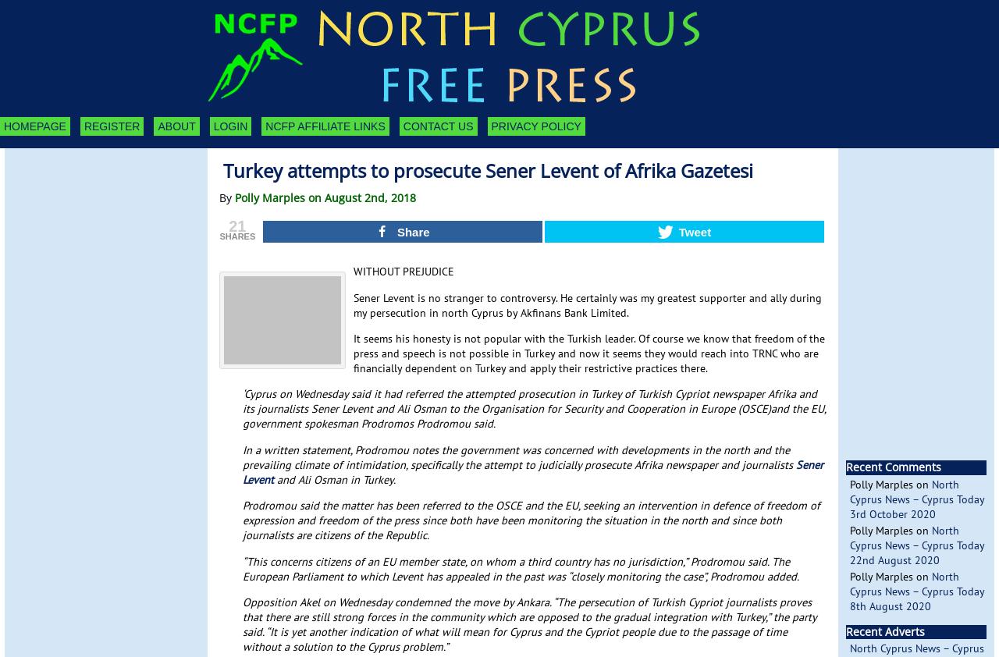 This screenshot has width=999, height=657. What do you see at coordinates (110, 126) in the screenshot?
I see `'Register'` at bounding box center [110, 126].